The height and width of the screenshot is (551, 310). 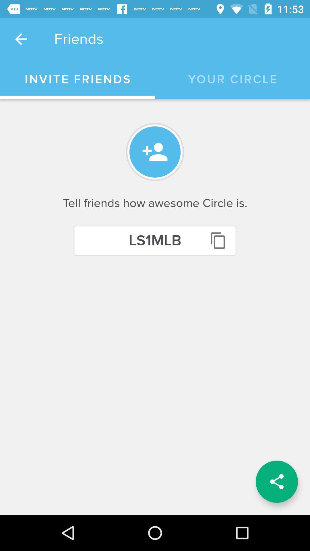 What do you see at coordinates (276, 482) in the screenshot?
I see `icon at the bottom right corner` at bounding box center [276, 482].